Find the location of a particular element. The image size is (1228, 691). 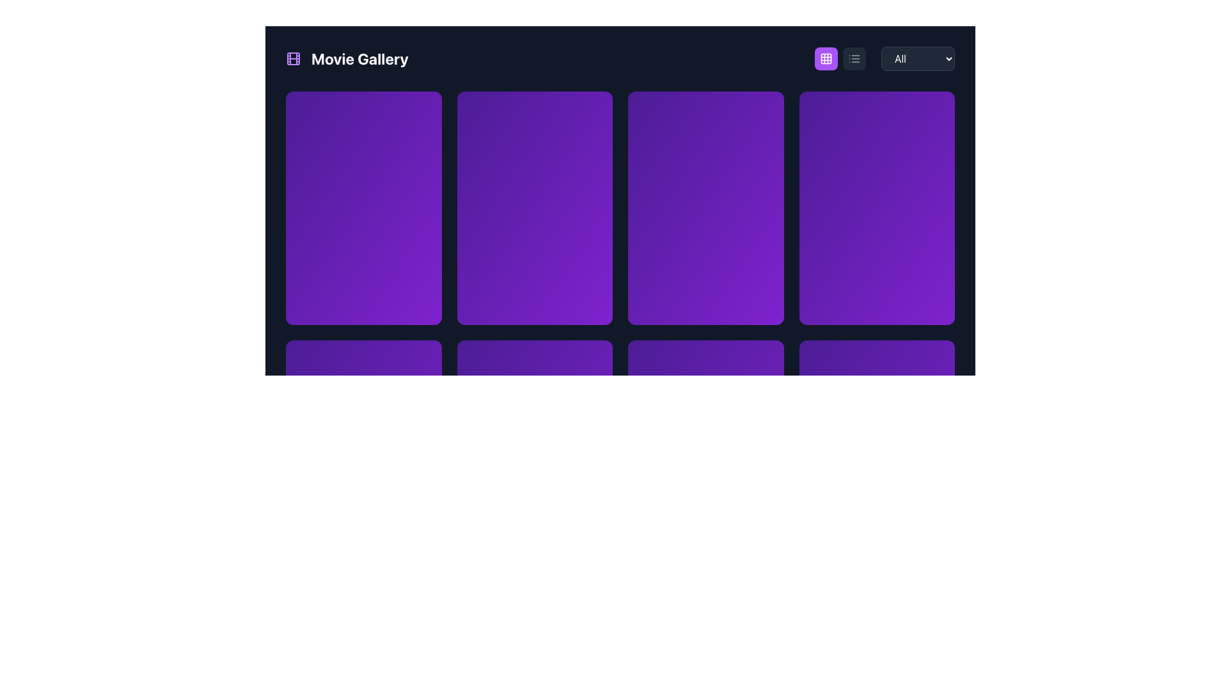

the white star-shaped SVG graphic located in the bottom-right section of the interface is located at coordinates (819, 360).